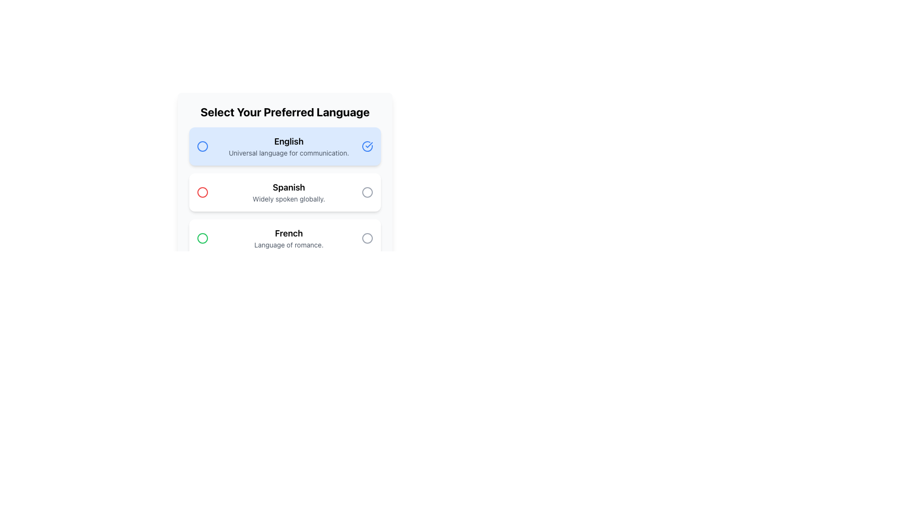 The height and width of the screenshot is (517, 920). Describe the element at coordinates (288, 188) in the screenshot. I see `the 'Spanish' language option text label, which is the second selectable language in the list, positioned between 'English' and 'French'` at that location.